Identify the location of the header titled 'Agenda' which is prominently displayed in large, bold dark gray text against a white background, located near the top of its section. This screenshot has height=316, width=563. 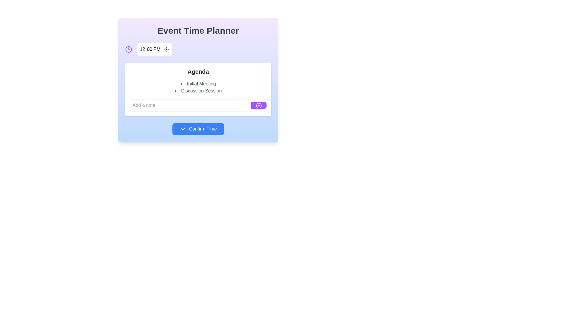
(198, 71).